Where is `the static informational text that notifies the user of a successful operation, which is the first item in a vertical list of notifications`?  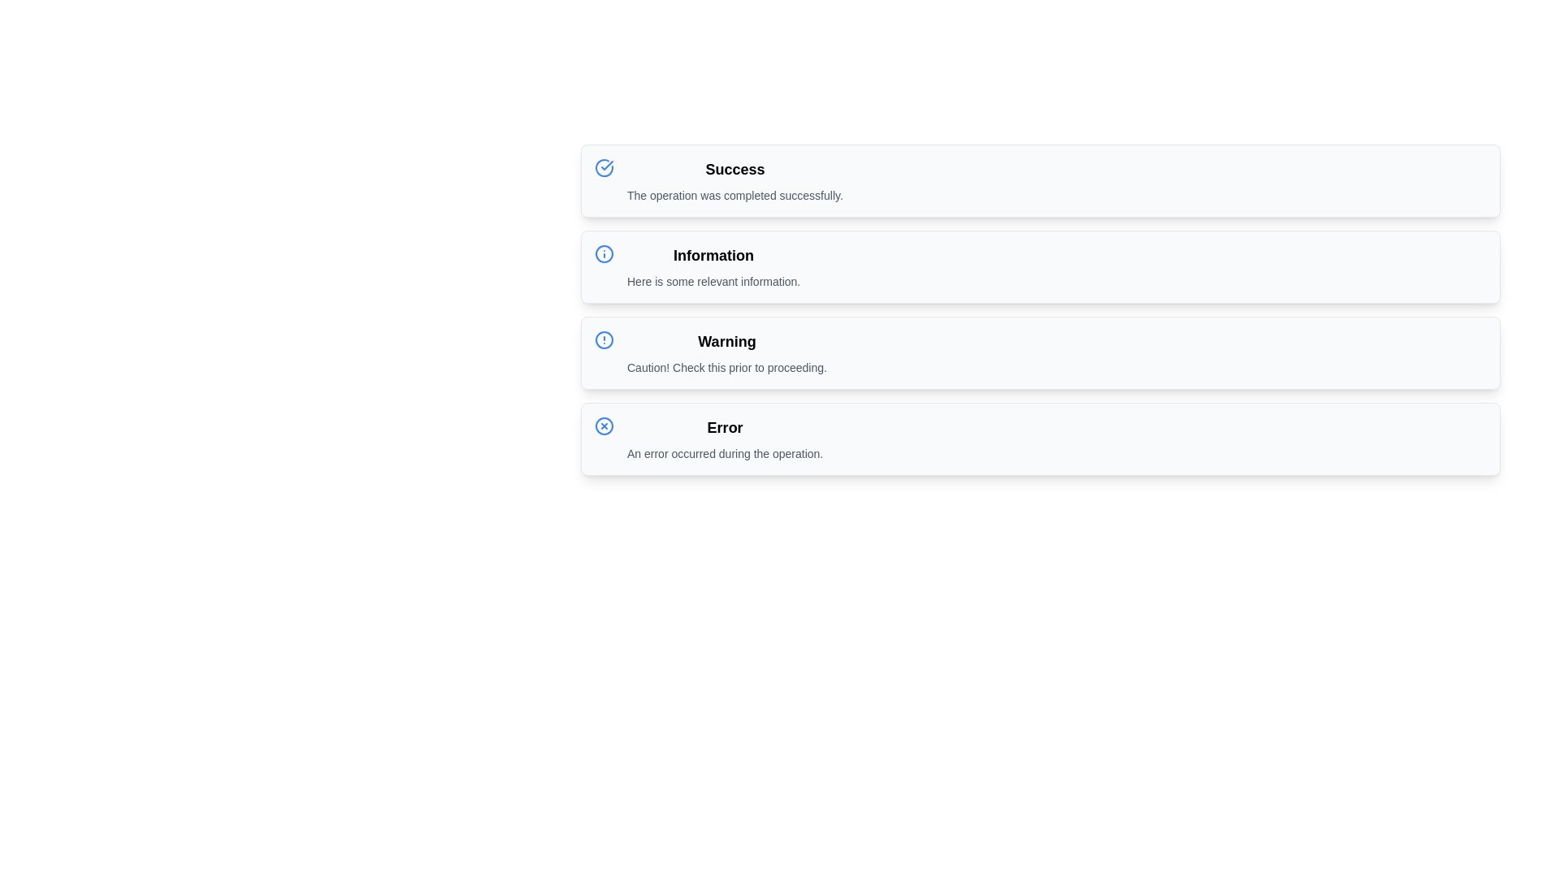 the static informational text that notifies the user of a successful operation, which is the first item in a vertical list of notifications is located at coordinates (734, 181).